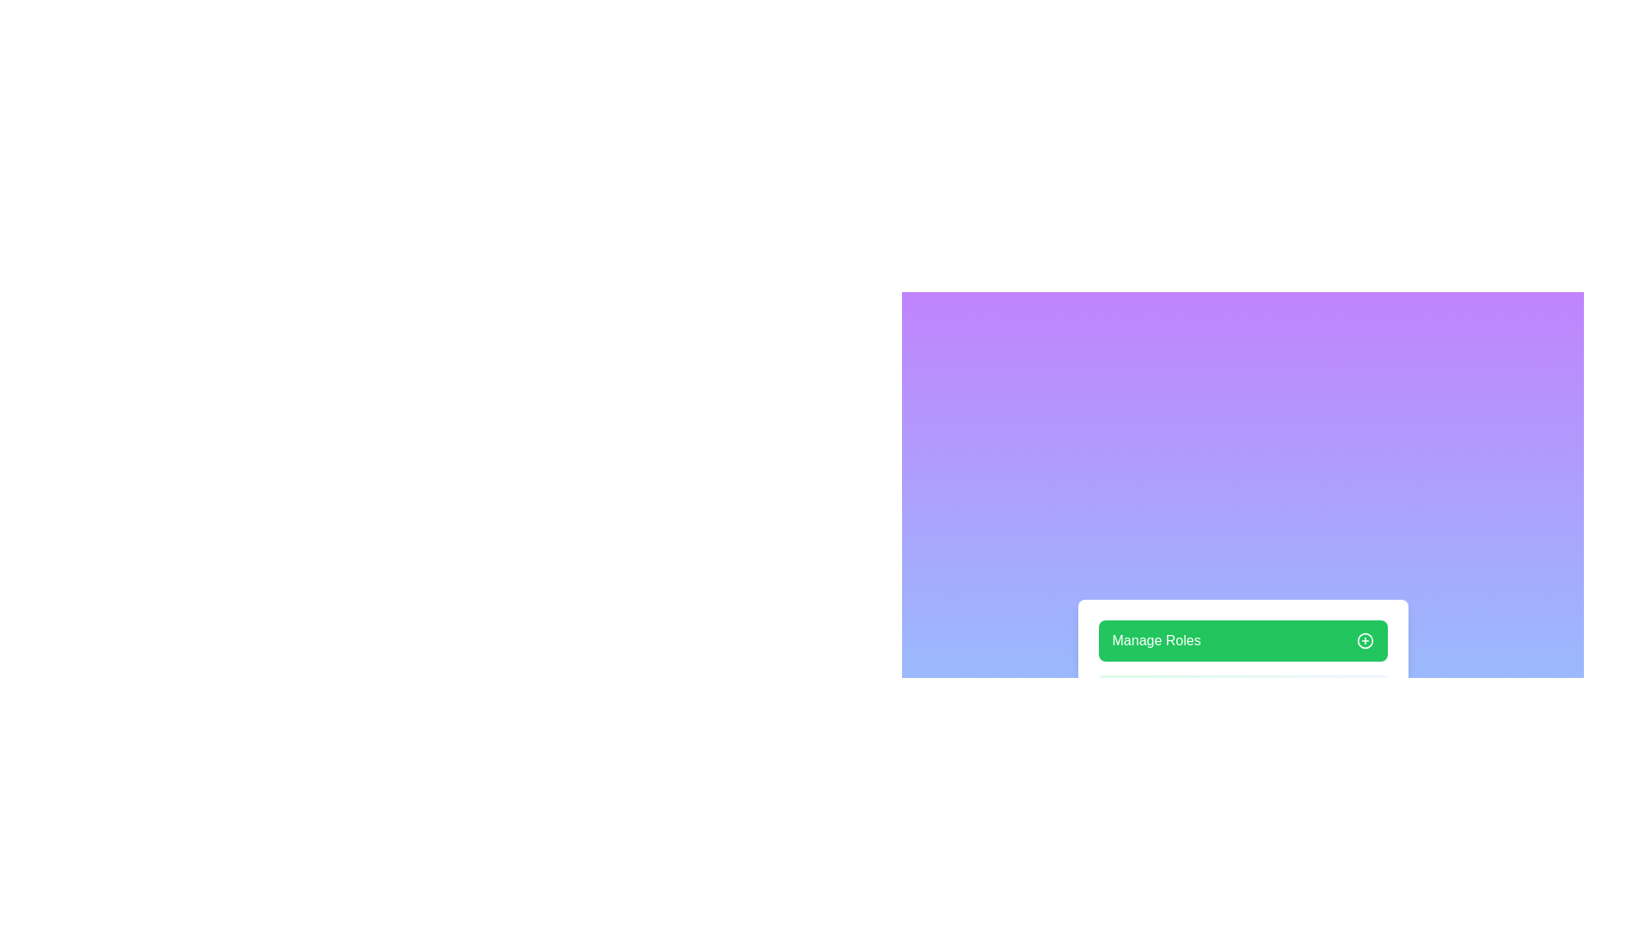  What do you see at coordinates (1243, 640) in the screenshot?
I see `'Manage Roles' button to toggle the menu` at bounding box center [1243, 640].